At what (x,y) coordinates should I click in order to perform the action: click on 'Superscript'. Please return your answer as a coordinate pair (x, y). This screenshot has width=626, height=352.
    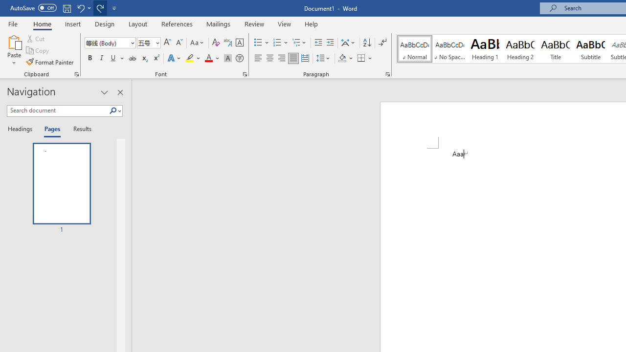
    Looking at the image, I should click on (156, 58).